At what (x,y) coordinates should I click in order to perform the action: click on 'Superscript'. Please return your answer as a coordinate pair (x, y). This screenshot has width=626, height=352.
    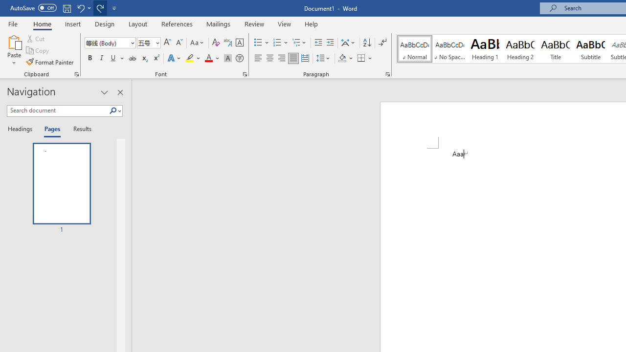
    Looking at the image, I should click on (156, 58).